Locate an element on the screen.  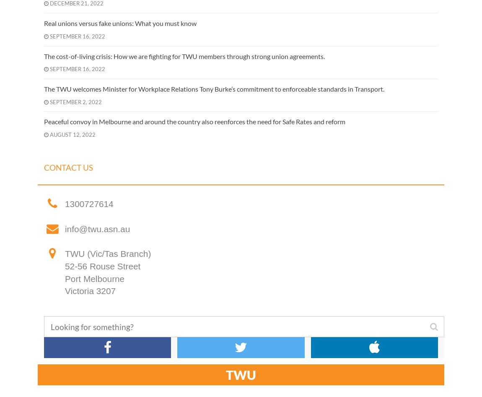
'Real unions versus fake unions: What you must know' is located at coordinates (120, 23).